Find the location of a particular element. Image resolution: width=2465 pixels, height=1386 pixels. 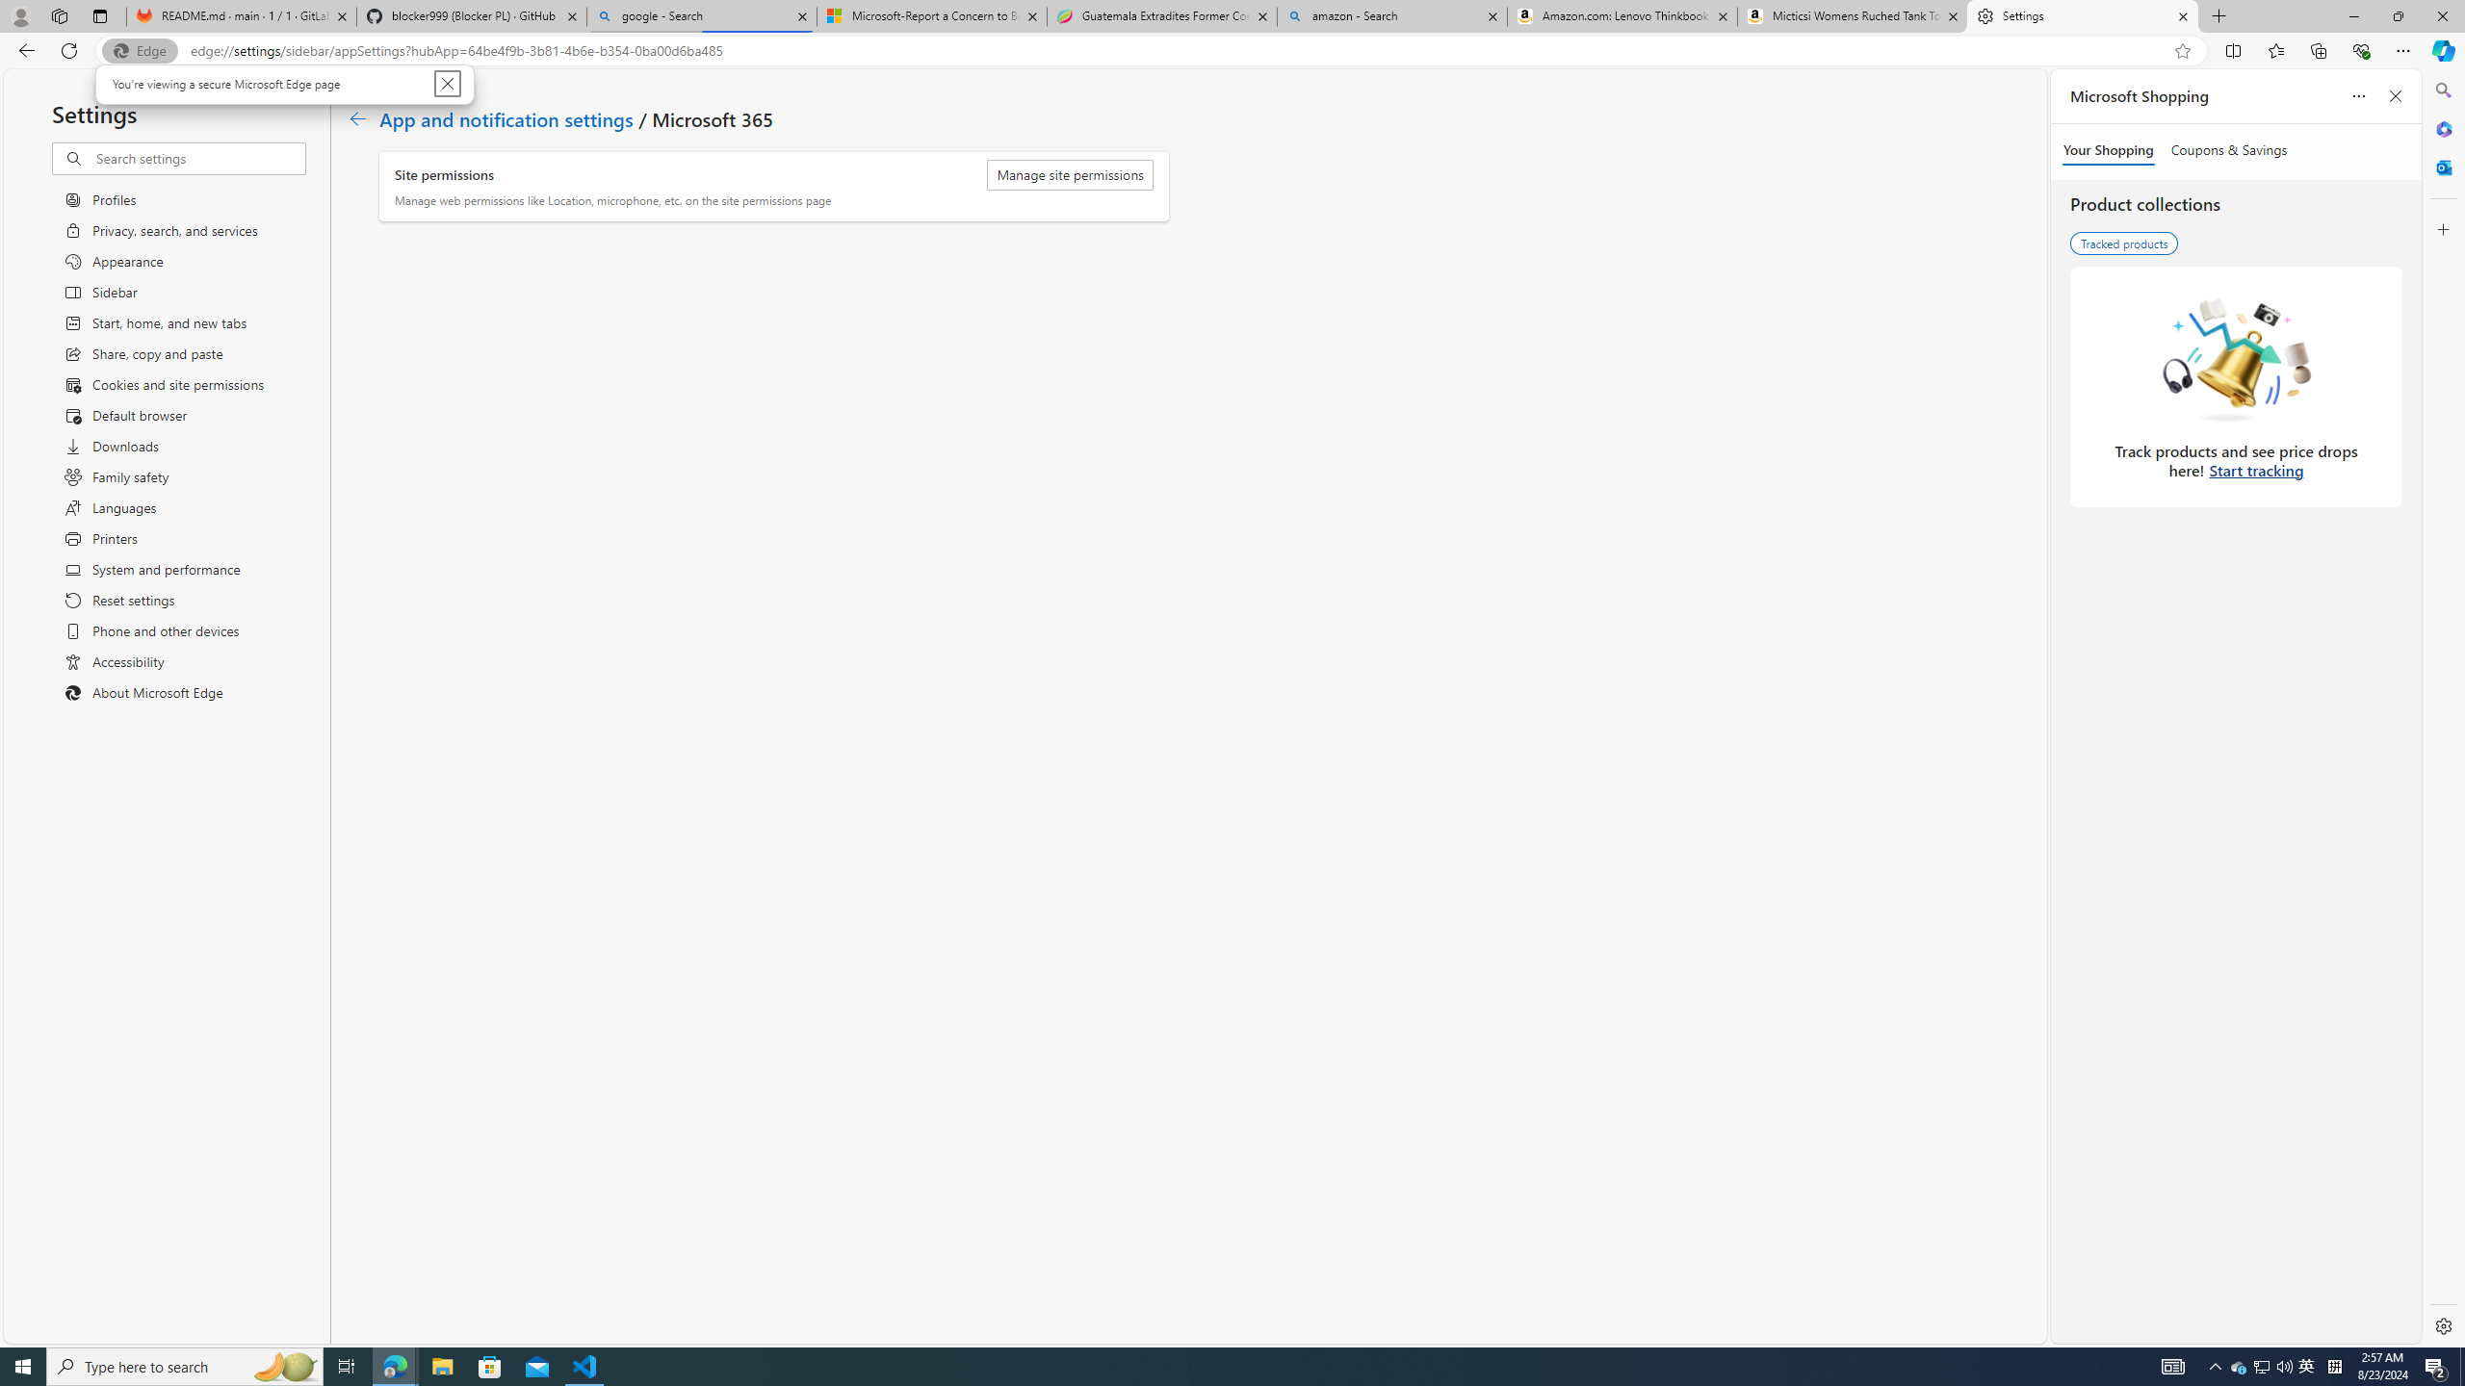

'AutomationID: 4105' is located at coordinates (2171, 1365).